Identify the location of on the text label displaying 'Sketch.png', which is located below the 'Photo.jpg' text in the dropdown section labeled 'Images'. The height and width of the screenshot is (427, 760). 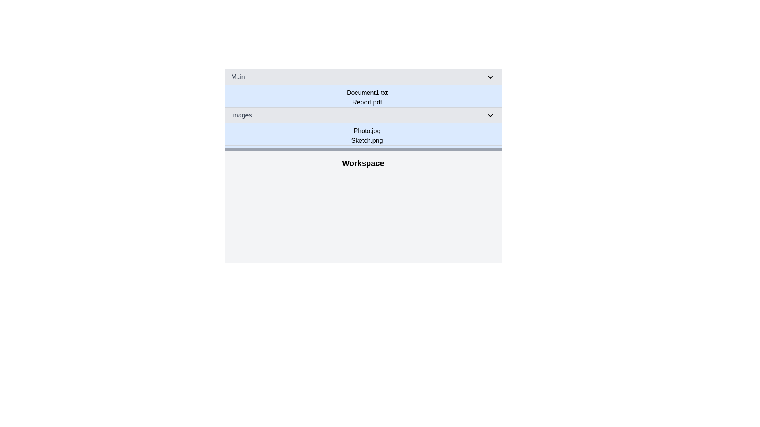
(367, 140).